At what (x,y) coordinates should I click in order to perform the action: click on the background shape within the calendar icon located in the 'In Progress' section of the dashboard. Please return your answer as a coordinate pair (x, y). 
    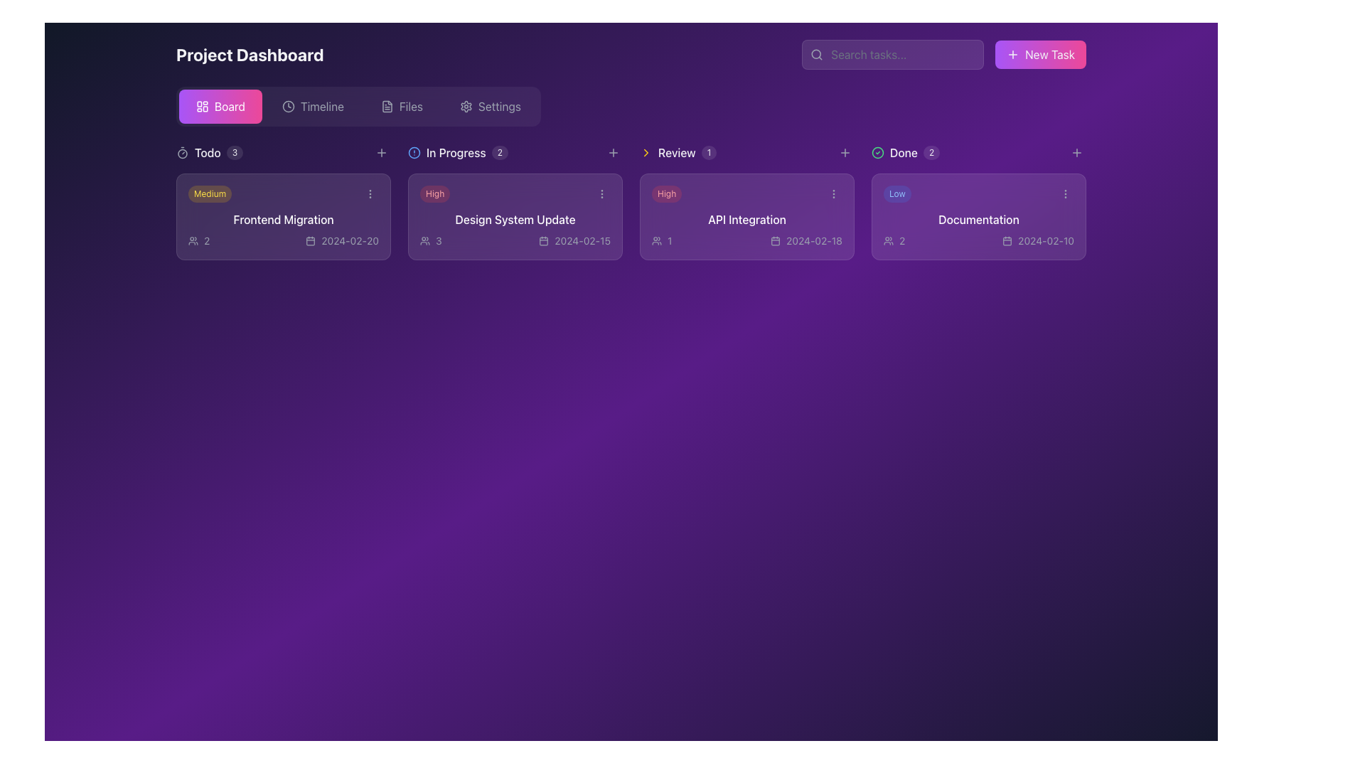
    Looking at the image, I should click on (543, 240).